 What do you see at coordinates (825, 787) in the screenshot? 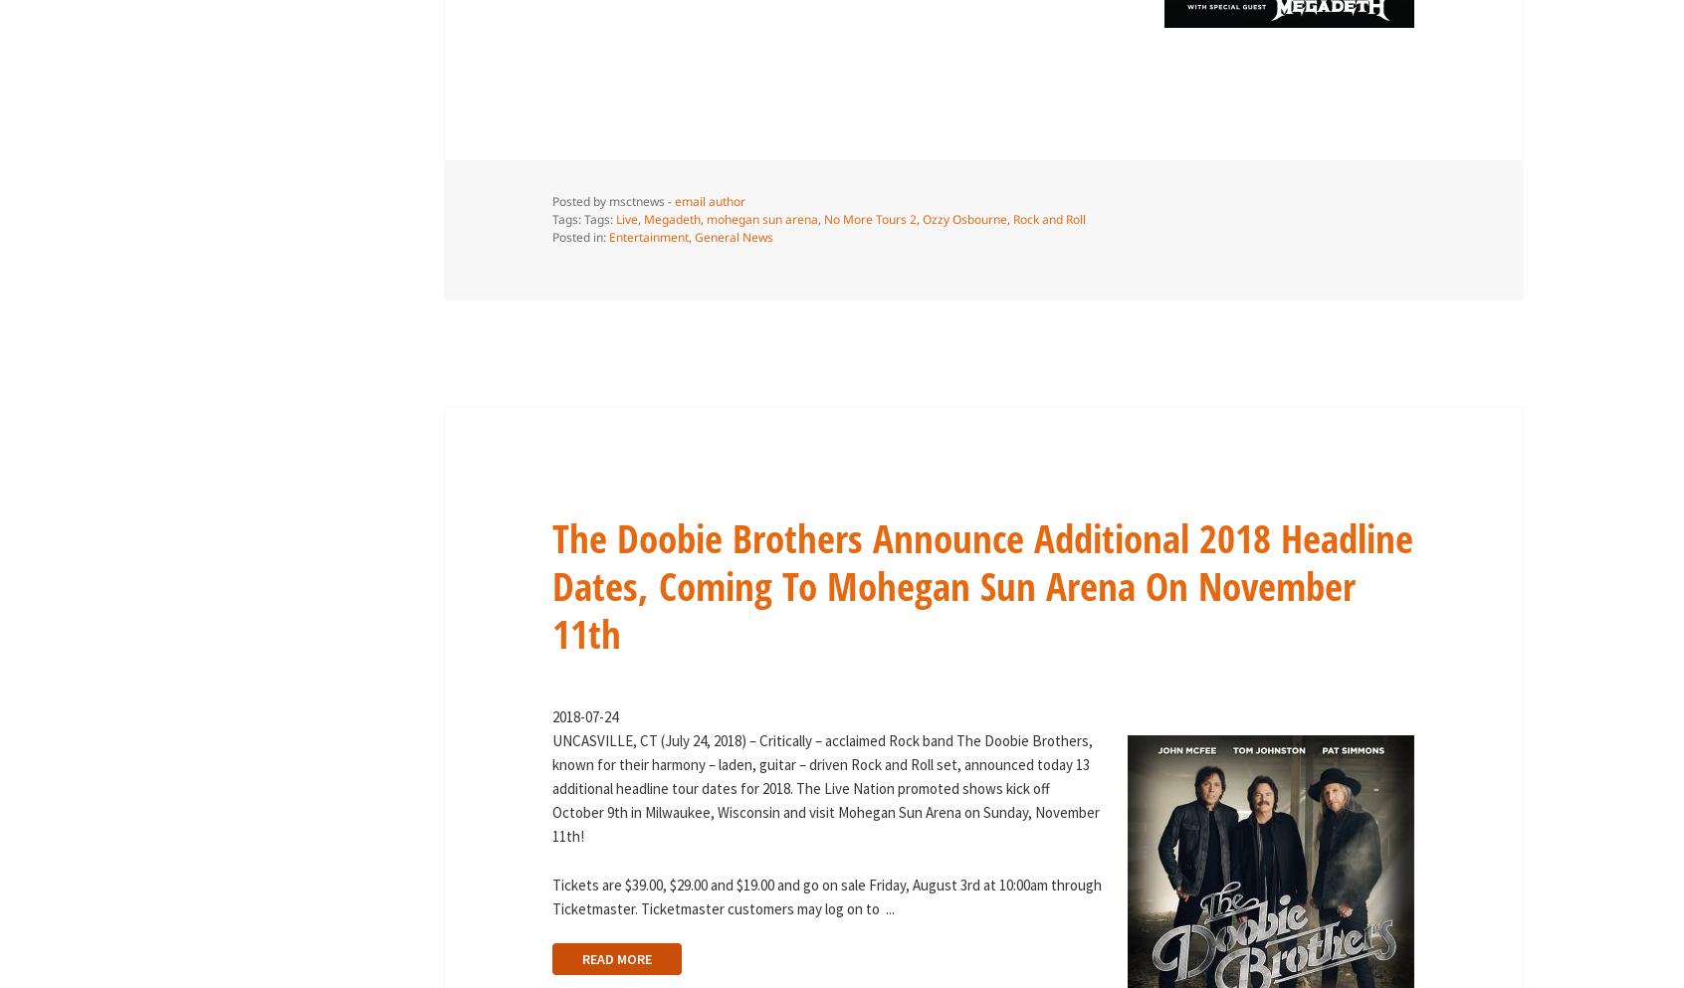
I see `'UNCASVILLE, CT (July 24, 2018) – Critically – acclaimed Rock band The Doobie Brothers, known for their harmony – laden, guitar – driven Rock and Roll set, announced today 13 additional headline tour dates for 2018. The Live Nation promoted shows kick off October 9th in Milwaukee, Wisconsin and visit Mohegan Sun Arena on Sunday, November 11th!'` at bounding box center [825, 787].